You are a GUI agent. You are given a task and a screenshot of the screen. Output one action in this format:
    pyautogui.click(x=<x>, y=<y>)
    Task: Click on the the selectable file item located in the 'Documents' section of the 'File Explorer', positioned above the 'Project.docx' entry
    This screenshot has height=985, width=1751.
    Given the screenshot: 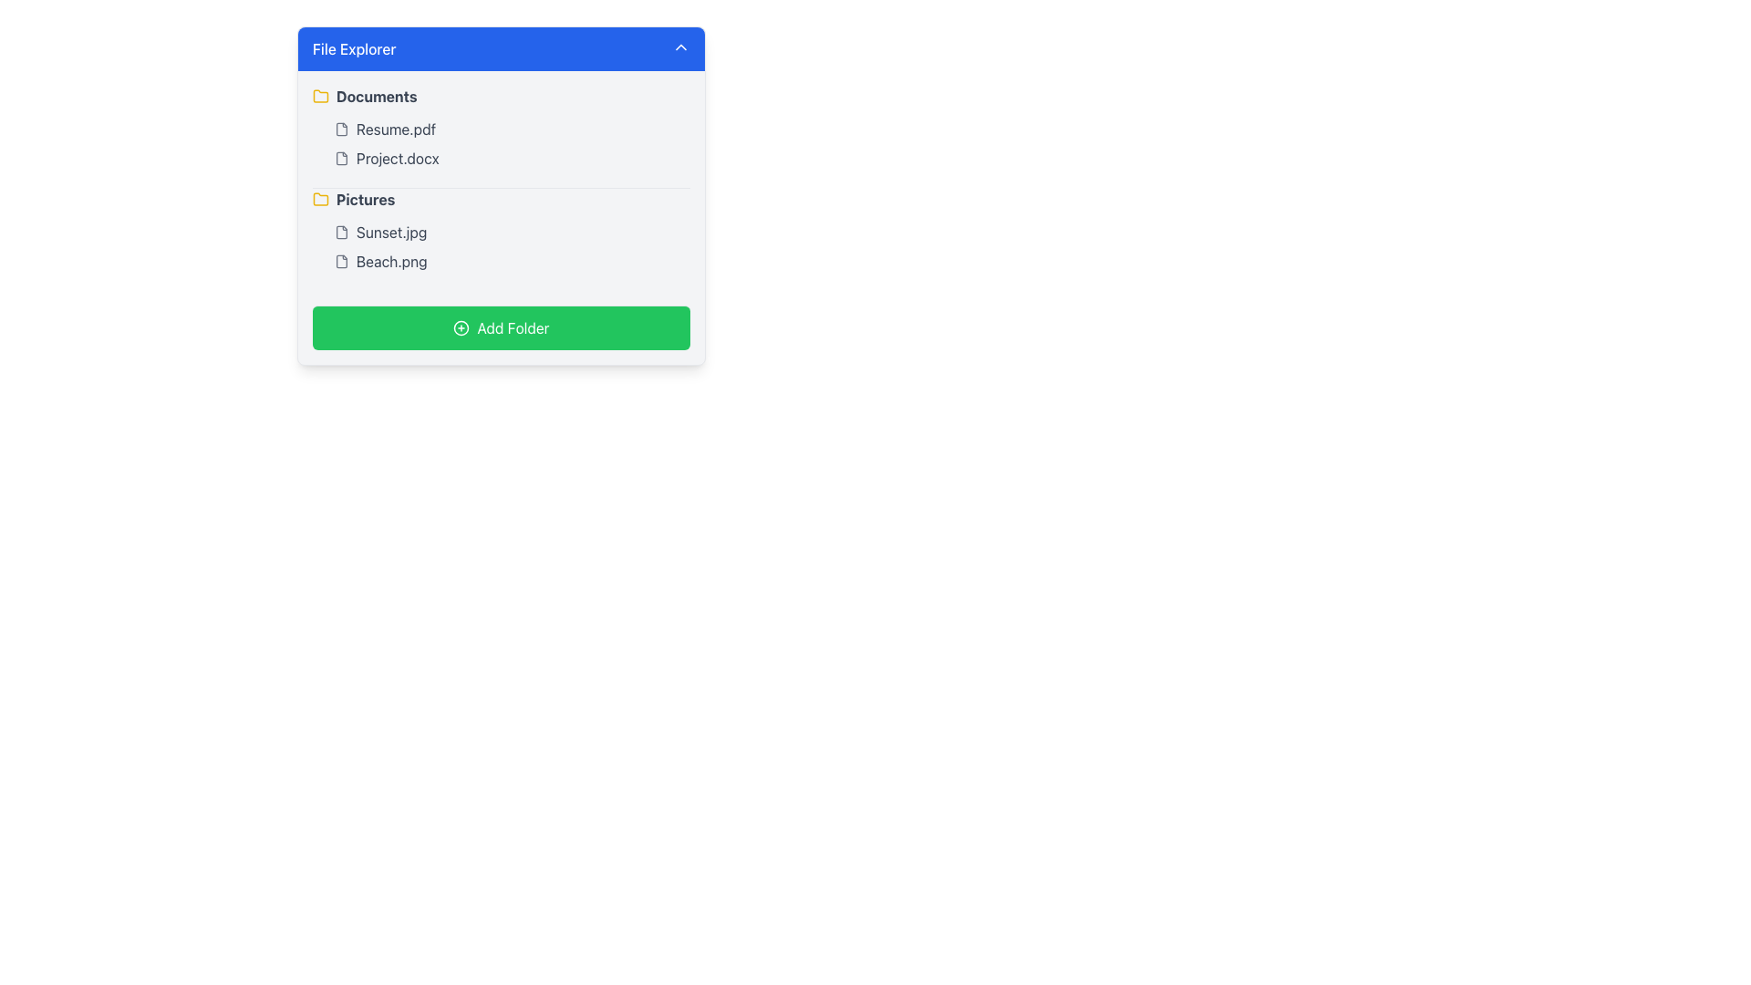 What is the action you would take?
    pyautogui.click(x=511, y=129)
    